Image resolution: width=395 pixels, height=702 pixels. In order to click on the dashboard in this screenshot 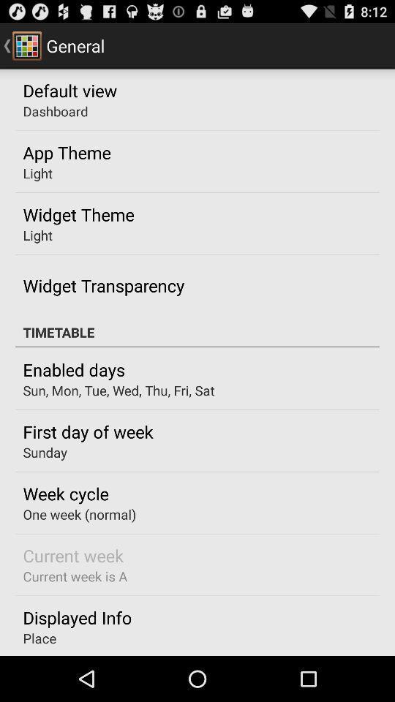, I will do `click(55, 110)`.